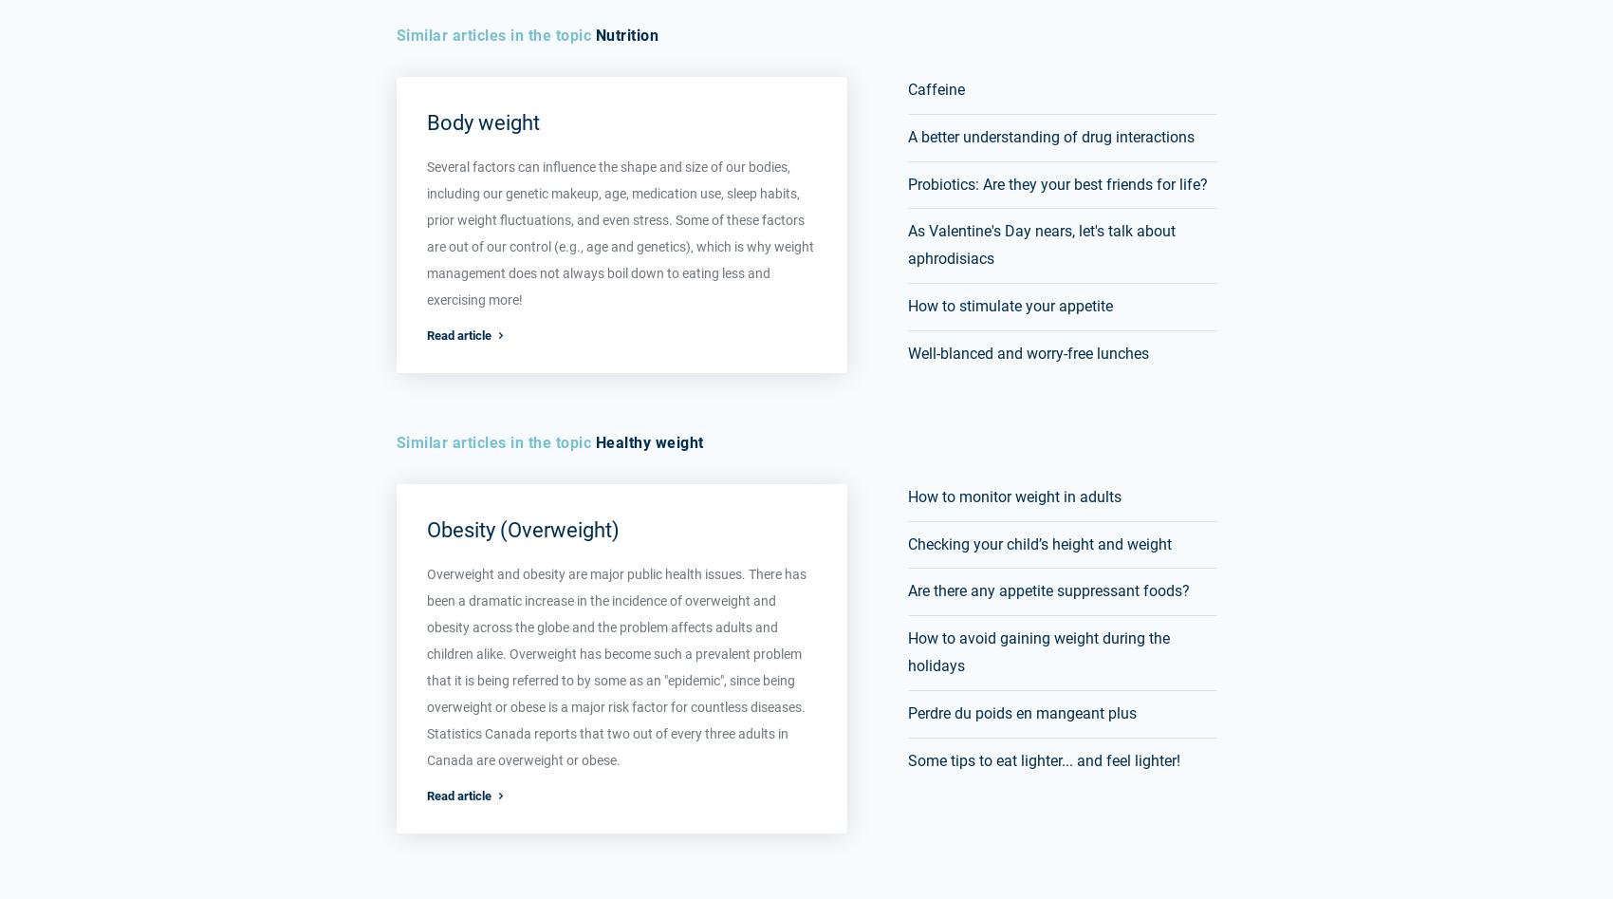 This screenshot has width=1613, height=899. Describe the element at coordinates (1048, 590) in the screenshot. I see `'Are there any appetite suppressant foods?'` at that location.